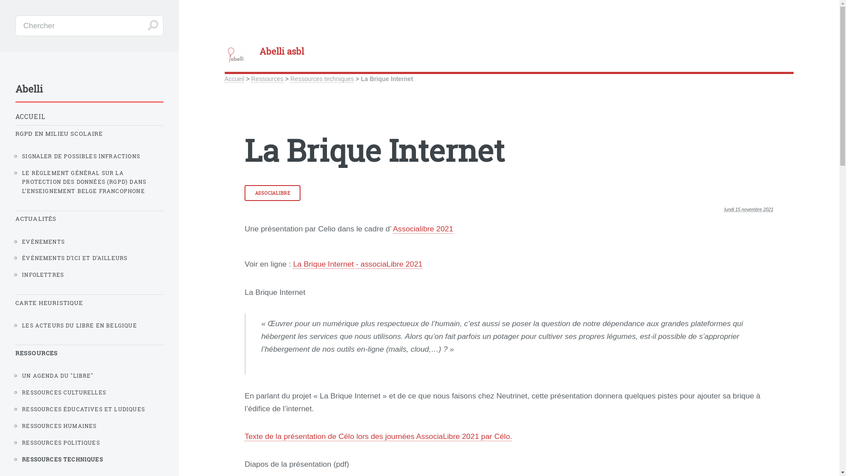 This screenshot has height=476, width=846. Describe the element at coordinates (423, 228) in the screenshot. I see `'Associalibre 2021'` at that location.